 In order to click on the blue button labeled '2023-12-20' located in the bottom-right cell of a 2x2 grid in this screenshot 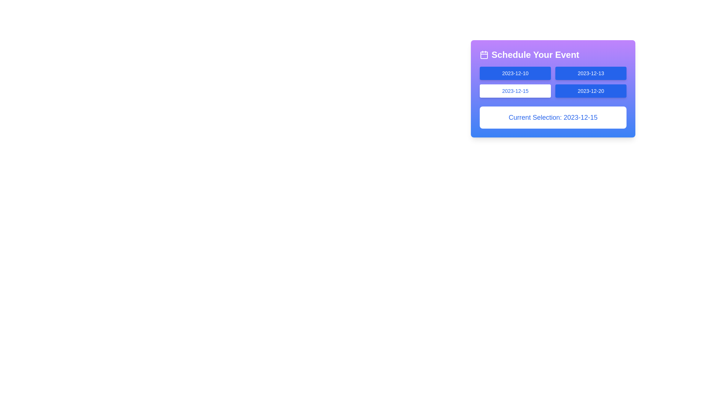, I will do `click(591, 90)`.